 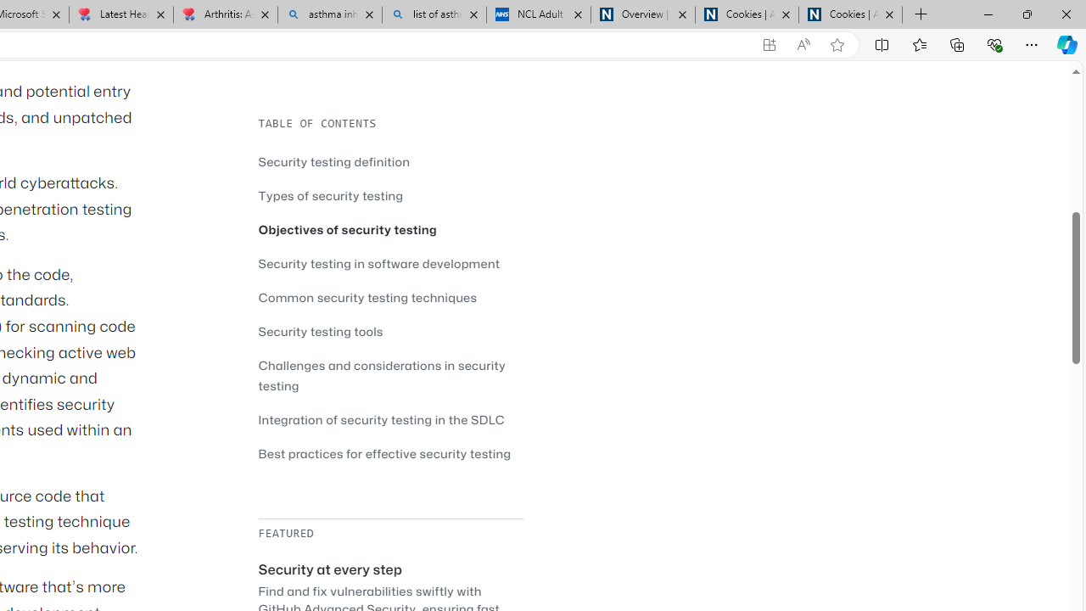 What do you see at coordinates (367, 296) in the screenshot?
I see `'Common security testing techniques'` at bounding box center [367, 296].